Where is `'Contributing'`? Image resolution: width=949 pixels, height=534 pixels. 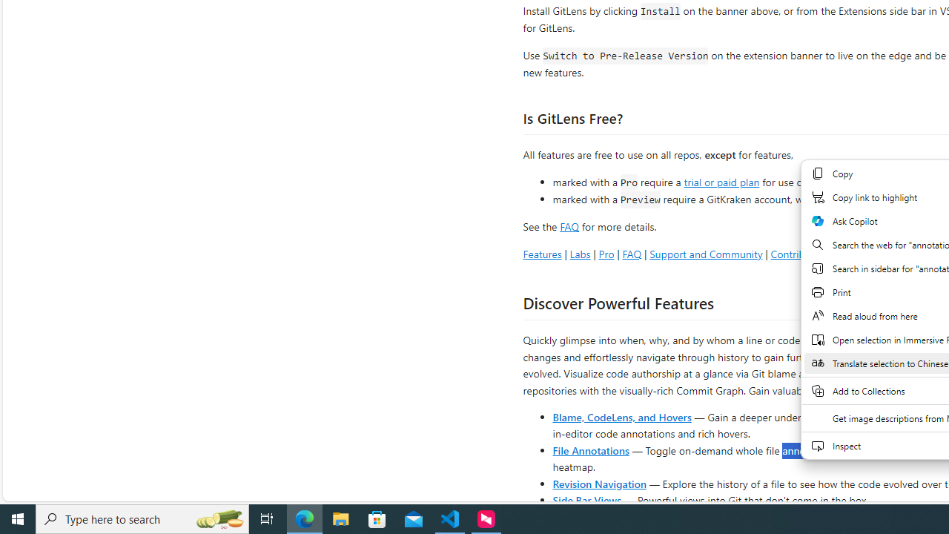 'Contributing' is located at coordinates (798, 253).